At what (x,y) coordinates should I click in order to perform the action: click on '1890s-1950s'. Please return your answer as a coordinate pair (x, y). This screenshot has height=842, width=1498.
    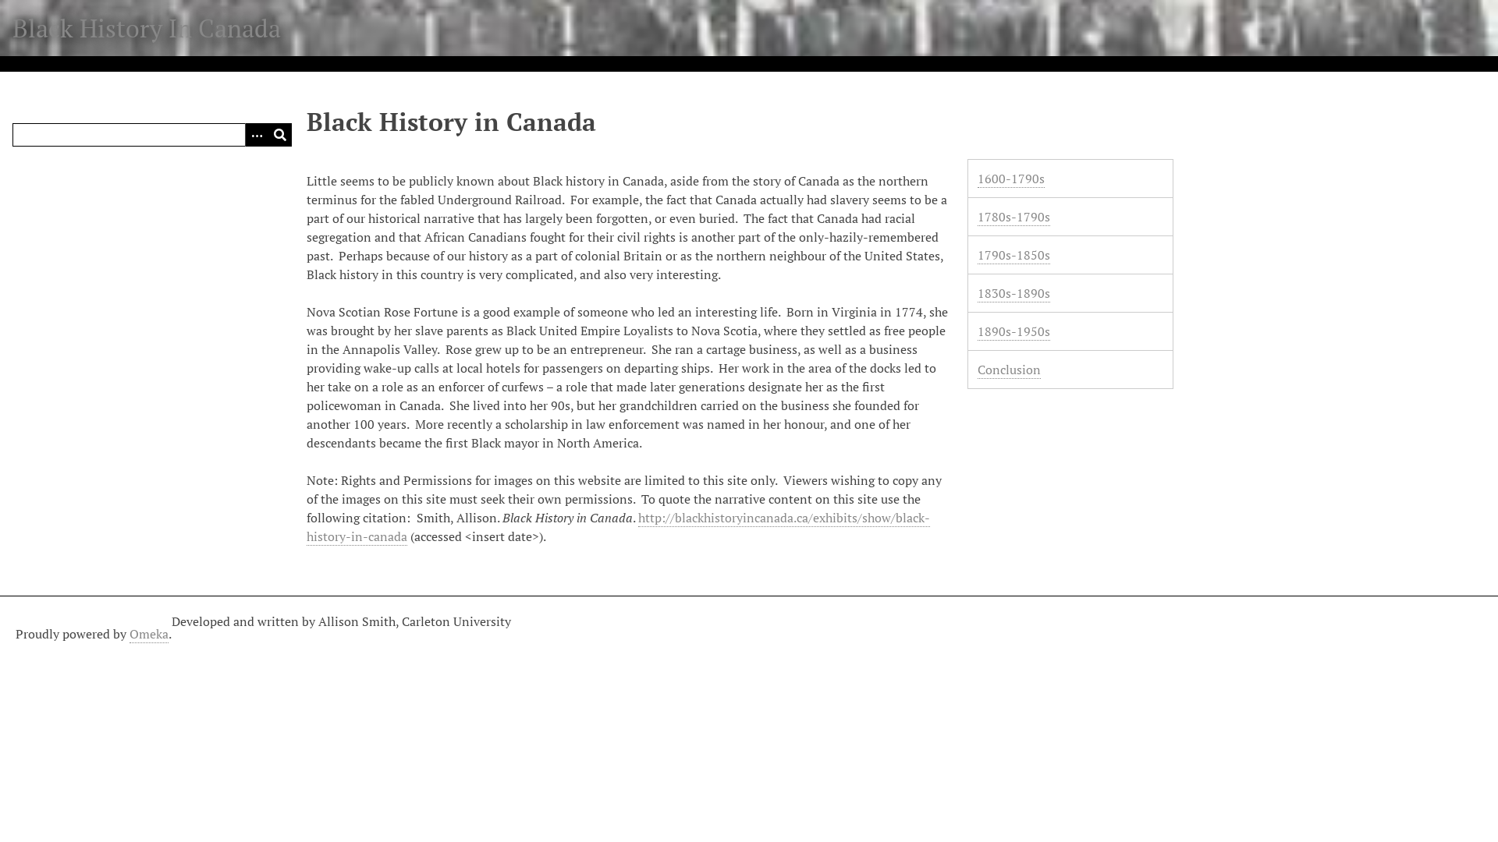
    Looking at the image, I should click on (1013, 331).